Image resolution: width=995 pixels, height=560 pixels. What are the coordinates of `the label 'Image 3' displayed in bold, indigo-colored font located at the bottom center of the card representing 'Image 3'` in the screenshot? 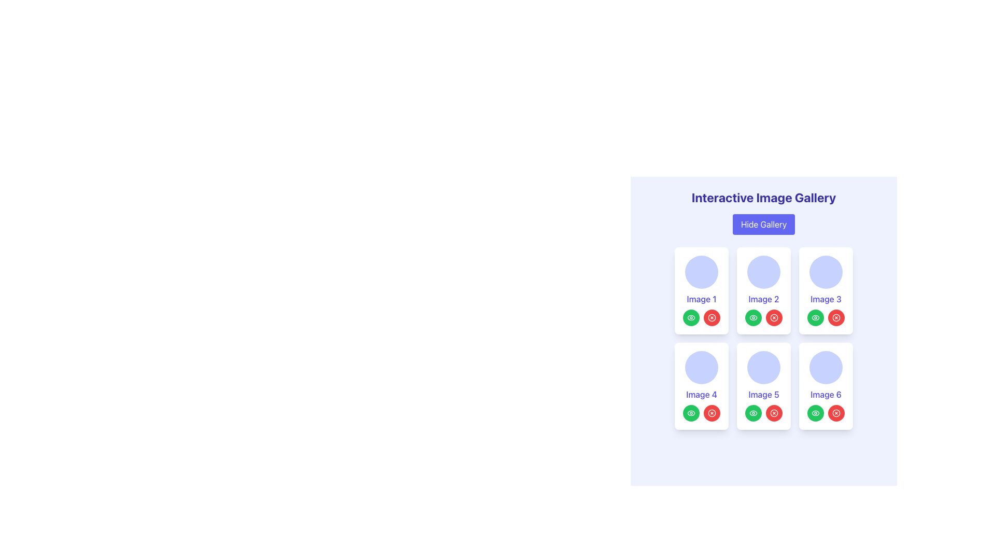 It's located at (825, 299).